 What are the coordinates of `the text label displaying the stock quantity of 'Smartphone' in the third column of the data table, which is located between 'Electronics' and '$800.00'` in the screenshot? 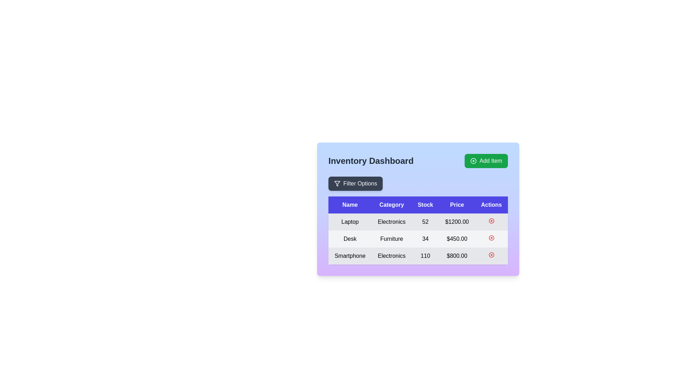 It's located at (425, 256).